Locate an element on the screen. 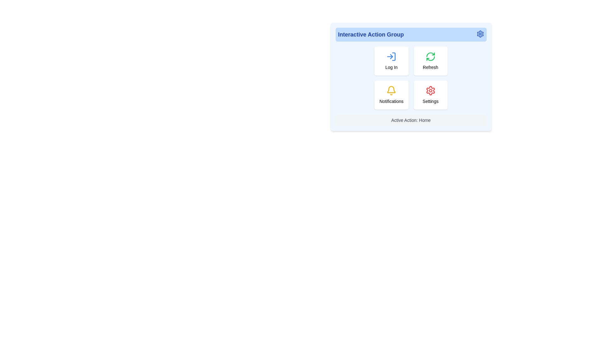  the bell icon located in the 'Notifications' card of the 'Interactive Action Group' panel is located at coordinates (391, 91).